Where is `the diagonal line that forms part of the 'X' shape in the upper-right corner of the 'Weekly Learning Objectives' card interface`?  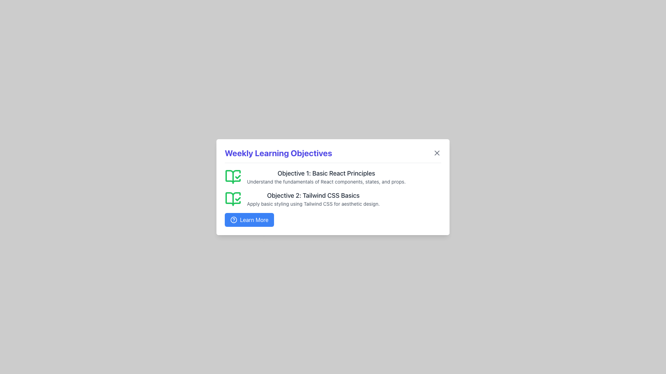 the diagonal line that forms part of the 'X' shape in the upper-right corner of the 'Weekly Learning Objectives' card interface is located at coordinates (436, 152).